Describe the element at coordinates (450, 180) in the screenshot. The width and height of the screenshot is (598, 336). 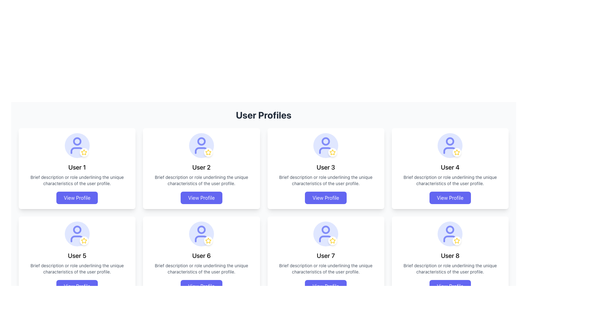
I see `the supplementary text label that provides additional details for the 'User 4' profile, located below the 'User 4' title and above the 'View Profile' button` at that location.